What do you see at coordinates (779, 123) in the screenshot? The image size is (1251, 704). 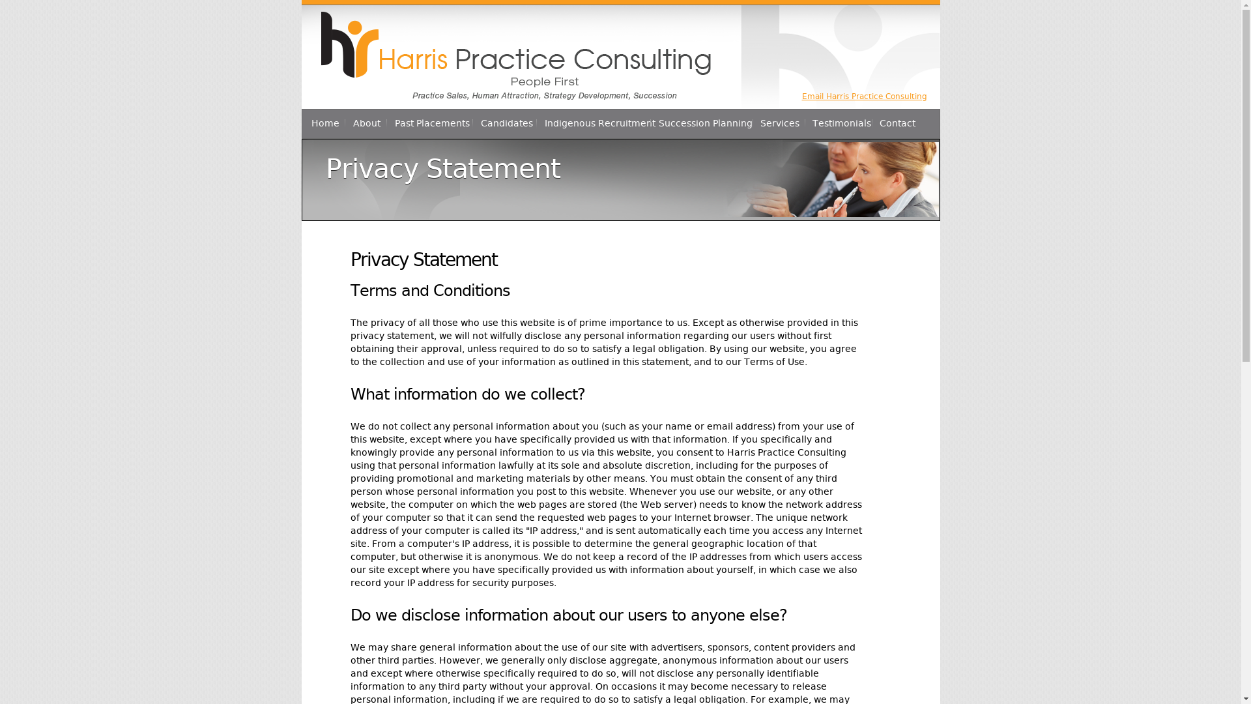 I see `'Services'` at bounding box center [779, 123].